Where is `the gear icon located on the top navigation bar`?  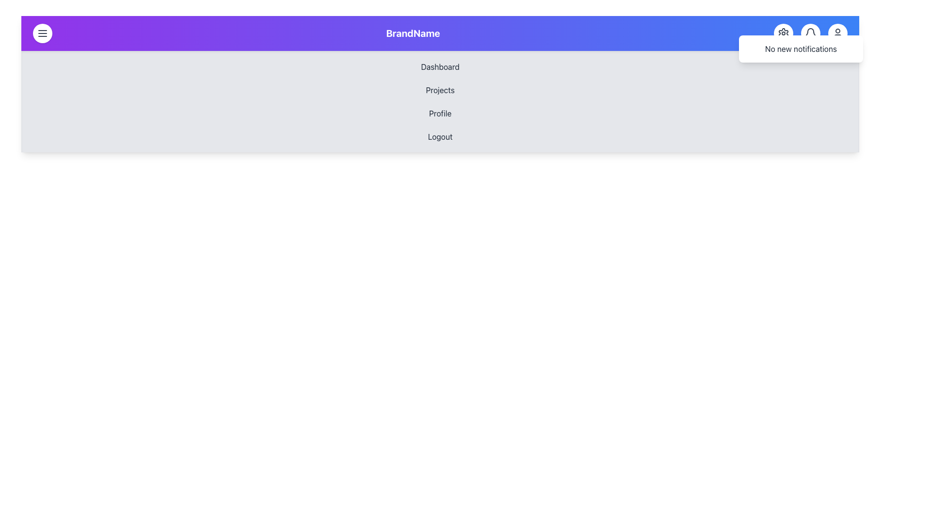 the gear icon located on the top navigation bar is located at coordinates (784, 33).